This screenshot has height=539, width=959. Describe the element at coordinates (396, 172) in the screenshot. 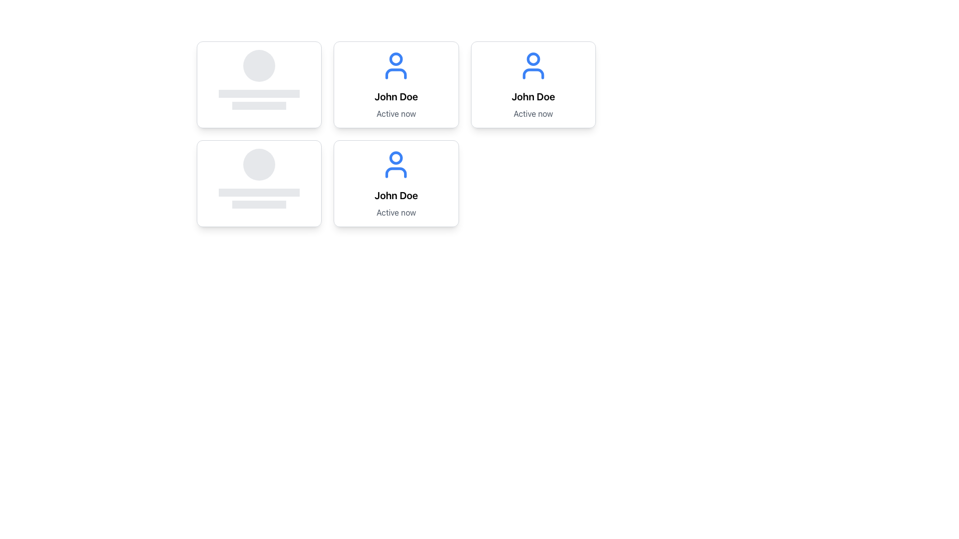

I see `the torso of the user icon in the lower right card of the grid layout` at that location.